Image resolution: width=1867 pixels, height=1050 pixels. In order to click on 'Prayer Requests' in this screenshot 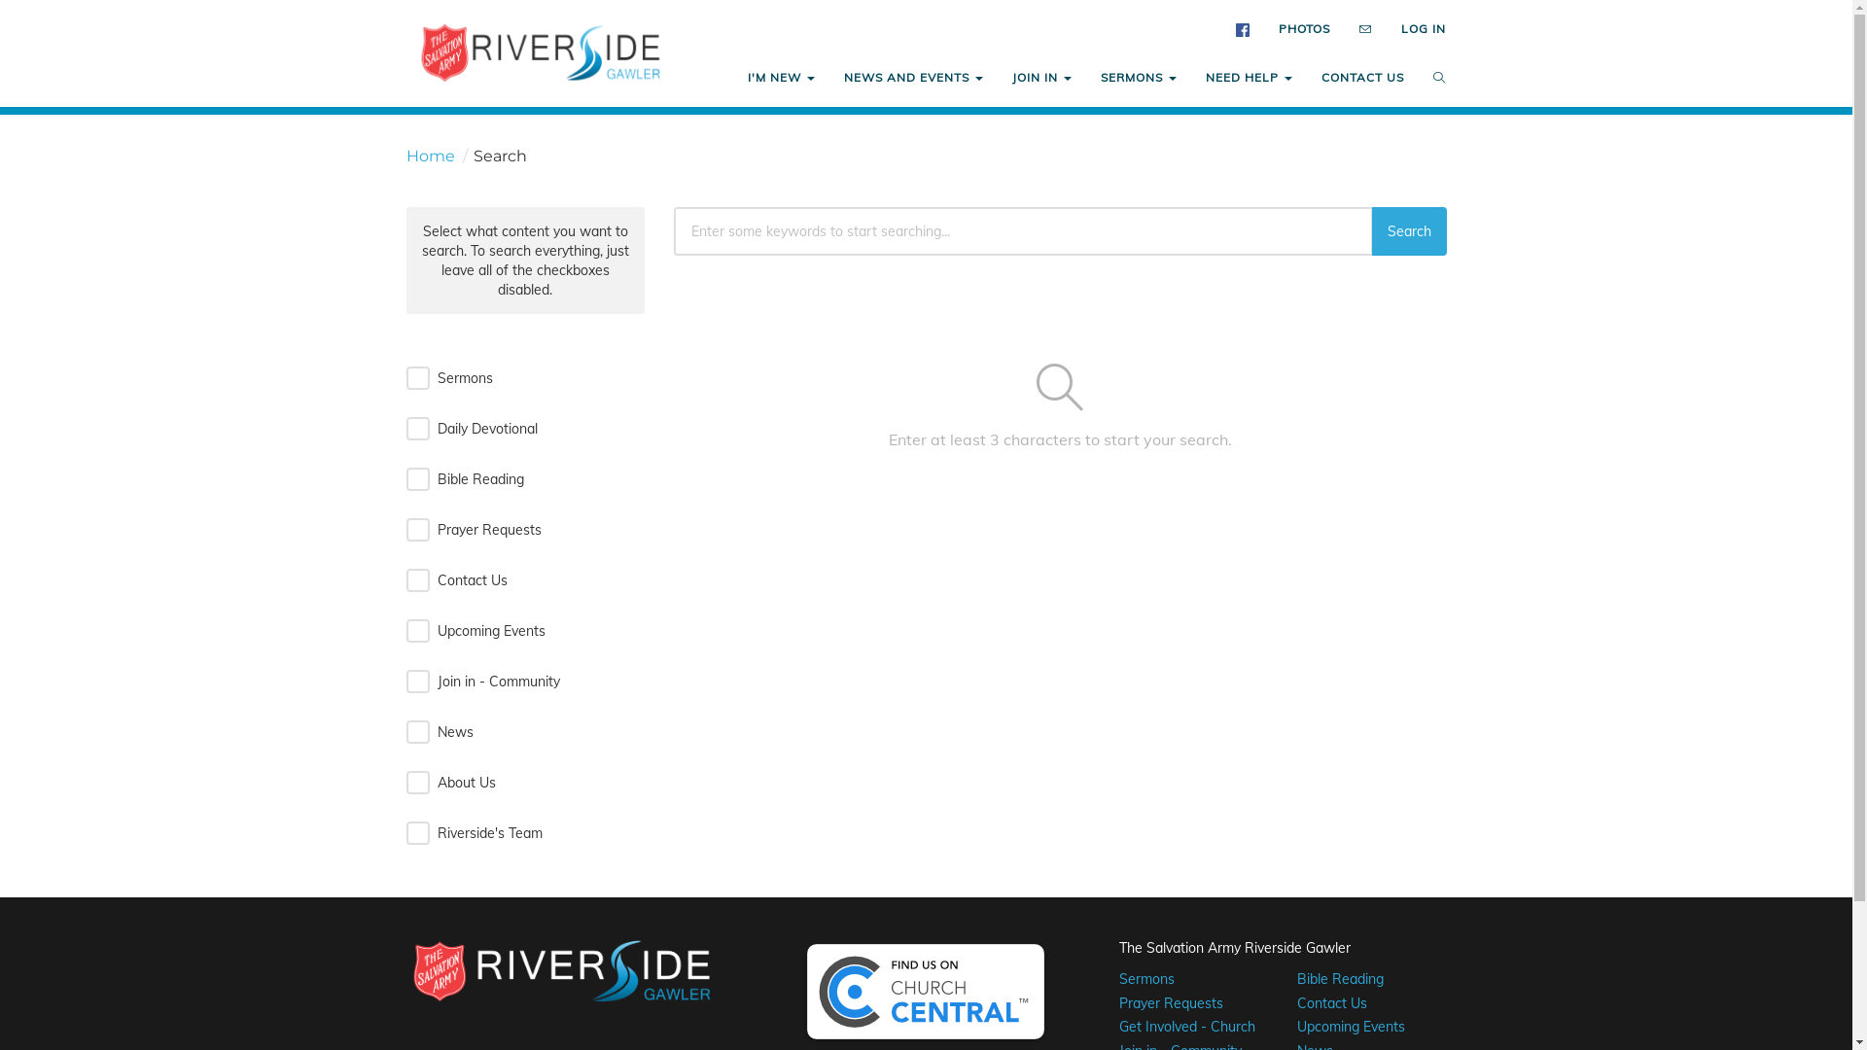, I will do `click(1170, 1003)`.